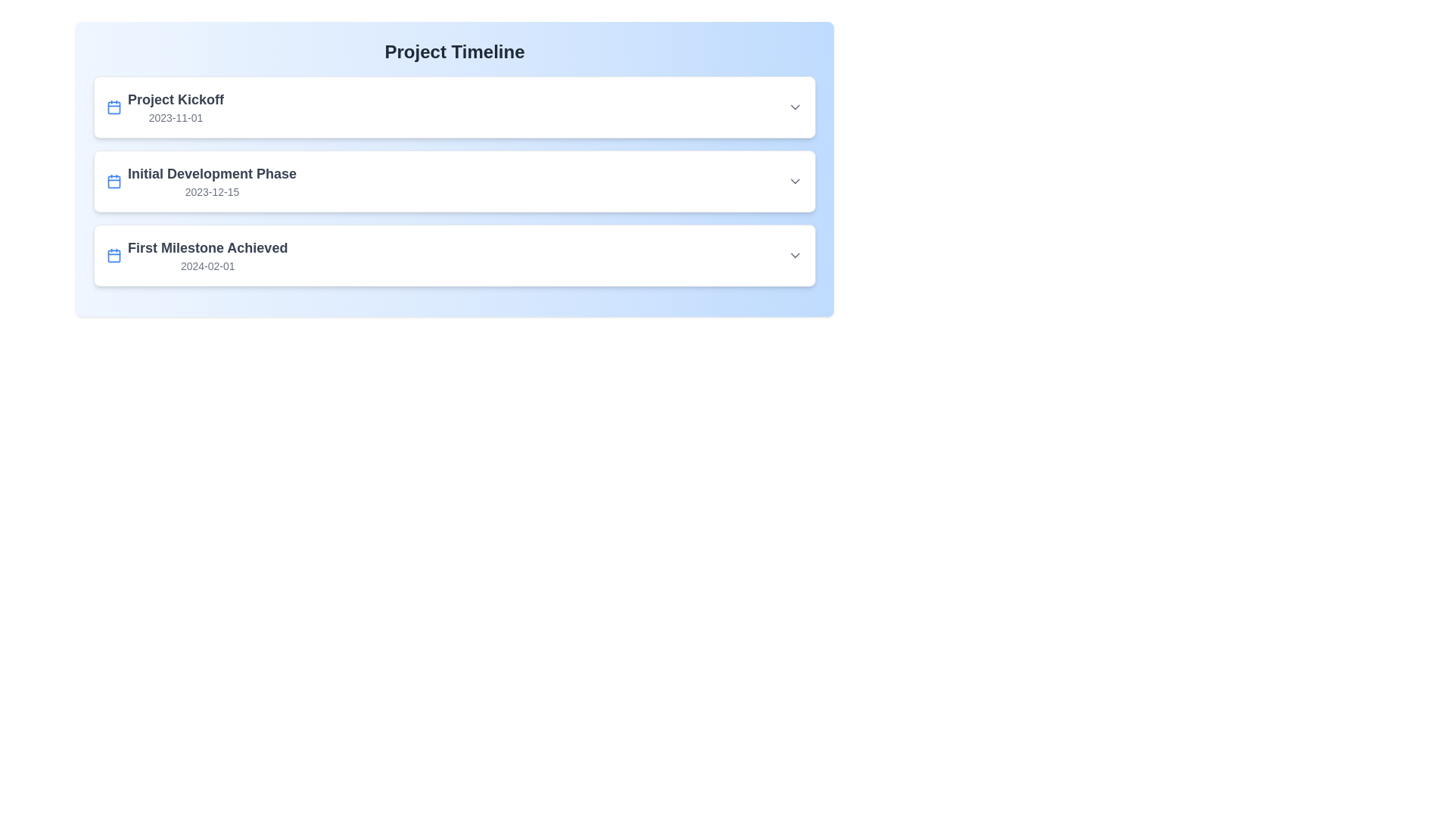 This screenshot has width=1453, height=817. What do you see at coordinates (113, 255) in the screenshot?
I see `the blue calendar-like icon located to the left of the 'First Milestone Achieved' text in the 'Project Timeline' section` at bounding box center [113, 255].